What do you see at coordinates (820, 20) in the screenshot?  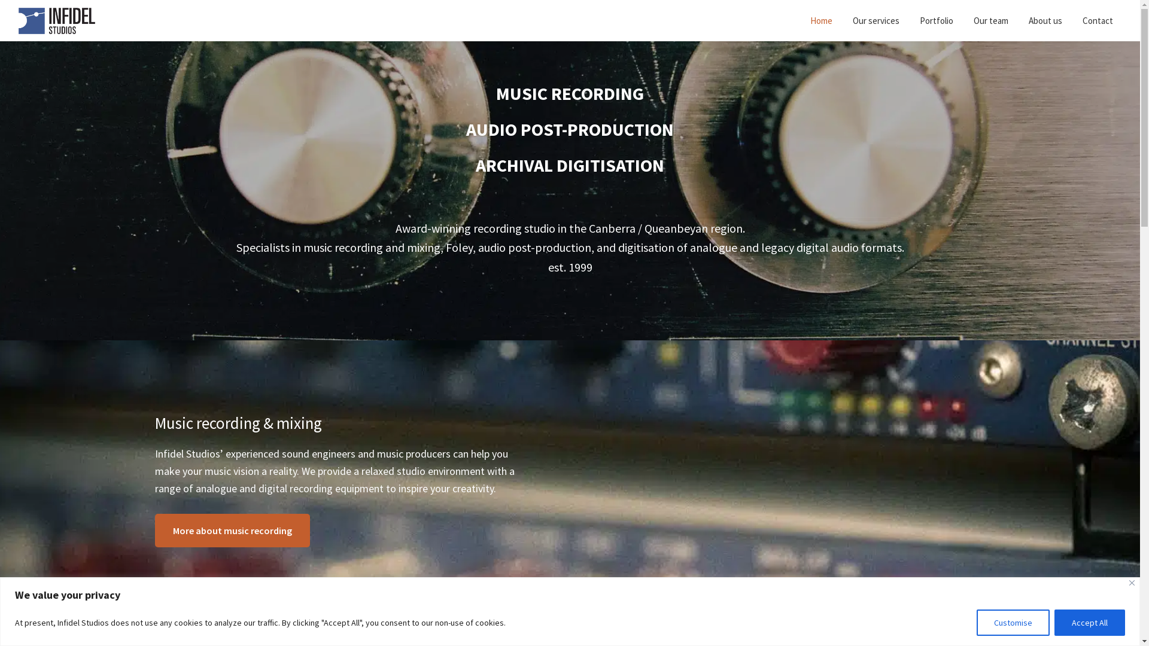 I see `'Home'` at bounding box center [820, 20].